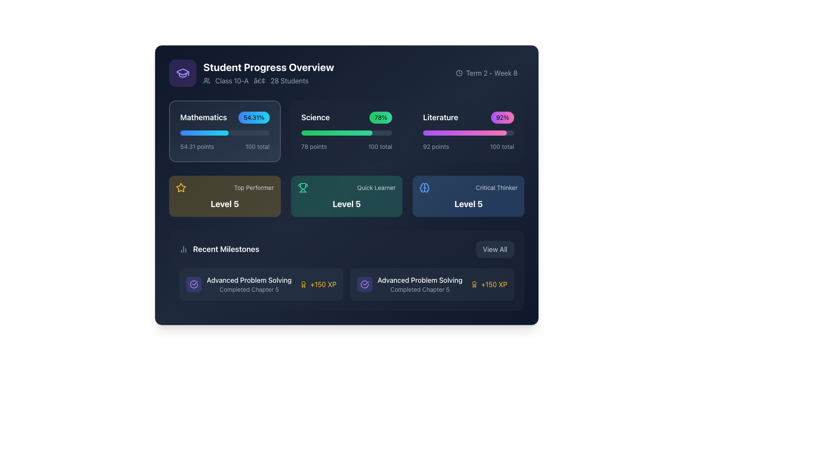 Image resolution: width=822 pixels, height=462 pixels. I want to click on the text label displaying 'Level 5' which is styled with a bold, white font and located at the bottom of the 'Critical Thinker' card, so click(468, 204).